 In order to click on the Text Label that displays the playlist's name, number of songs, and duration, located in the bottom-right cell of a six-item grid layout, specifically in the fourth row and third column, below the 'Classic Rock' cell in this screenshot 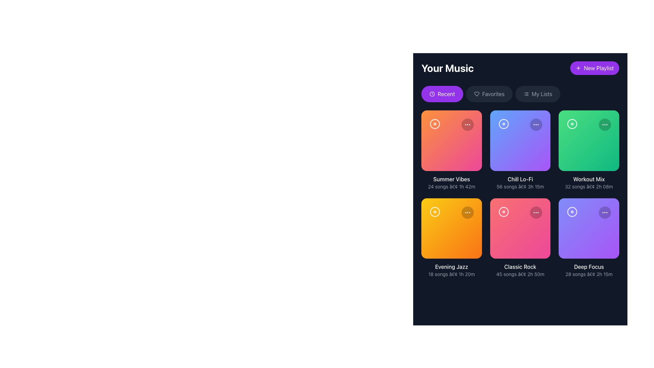, I will do `click(589, 270)`.